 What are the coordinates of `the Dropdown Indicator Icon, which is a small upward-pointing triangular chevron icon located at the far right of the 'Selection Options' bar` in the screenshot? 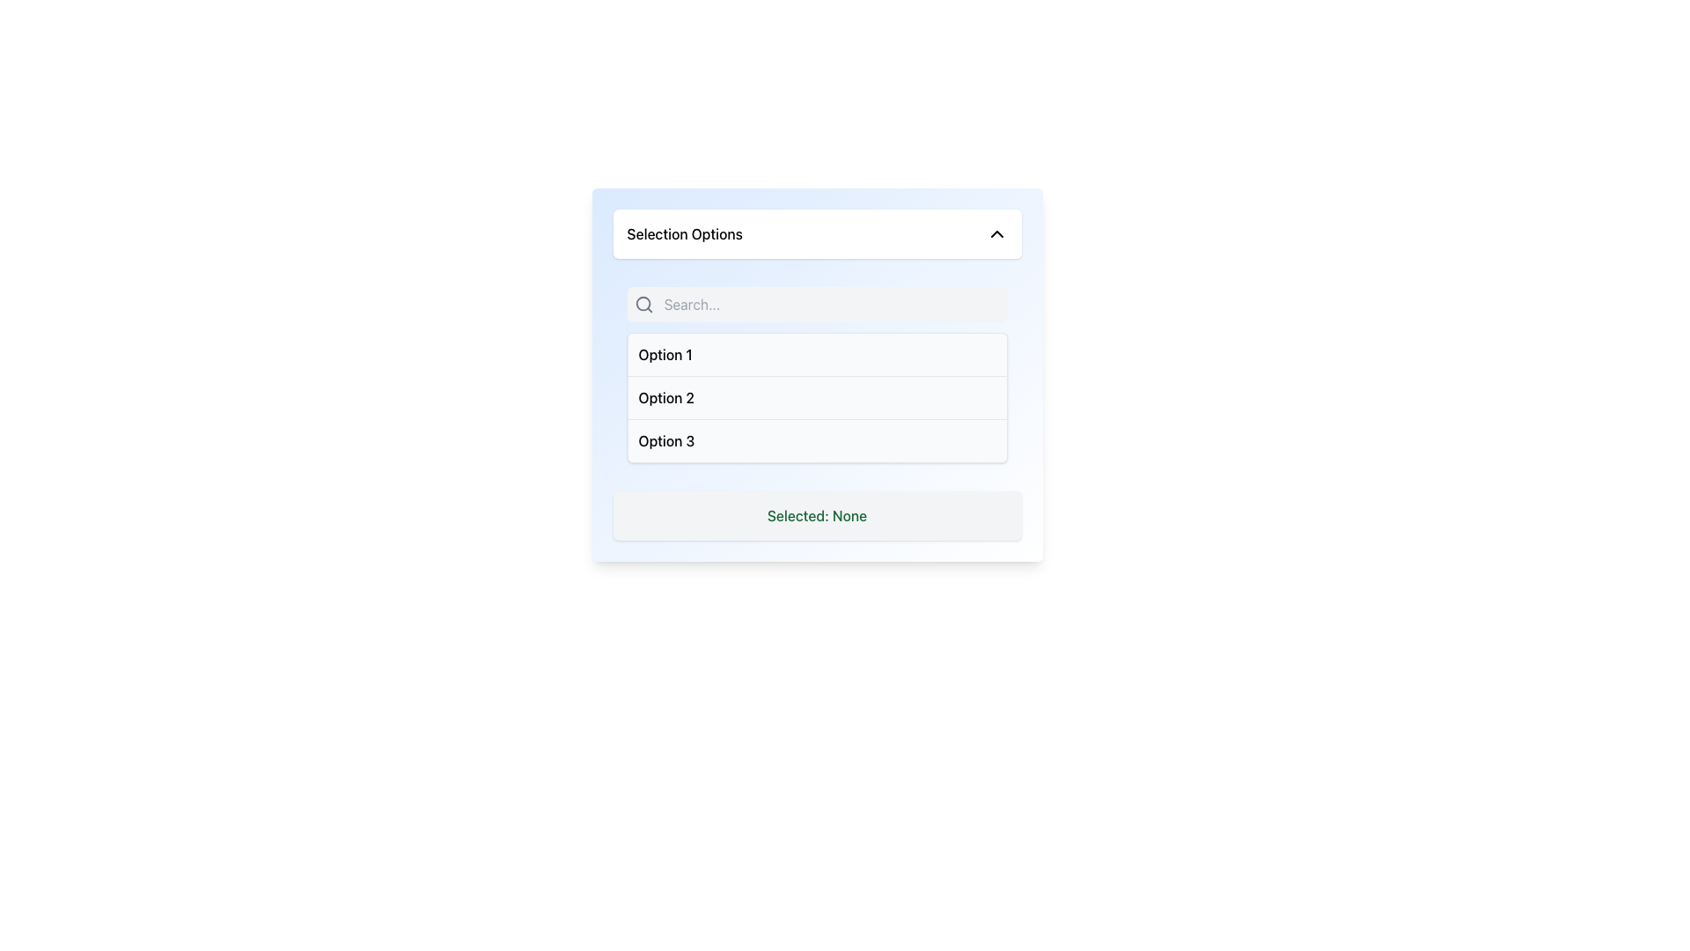 It's located at (996, 233).